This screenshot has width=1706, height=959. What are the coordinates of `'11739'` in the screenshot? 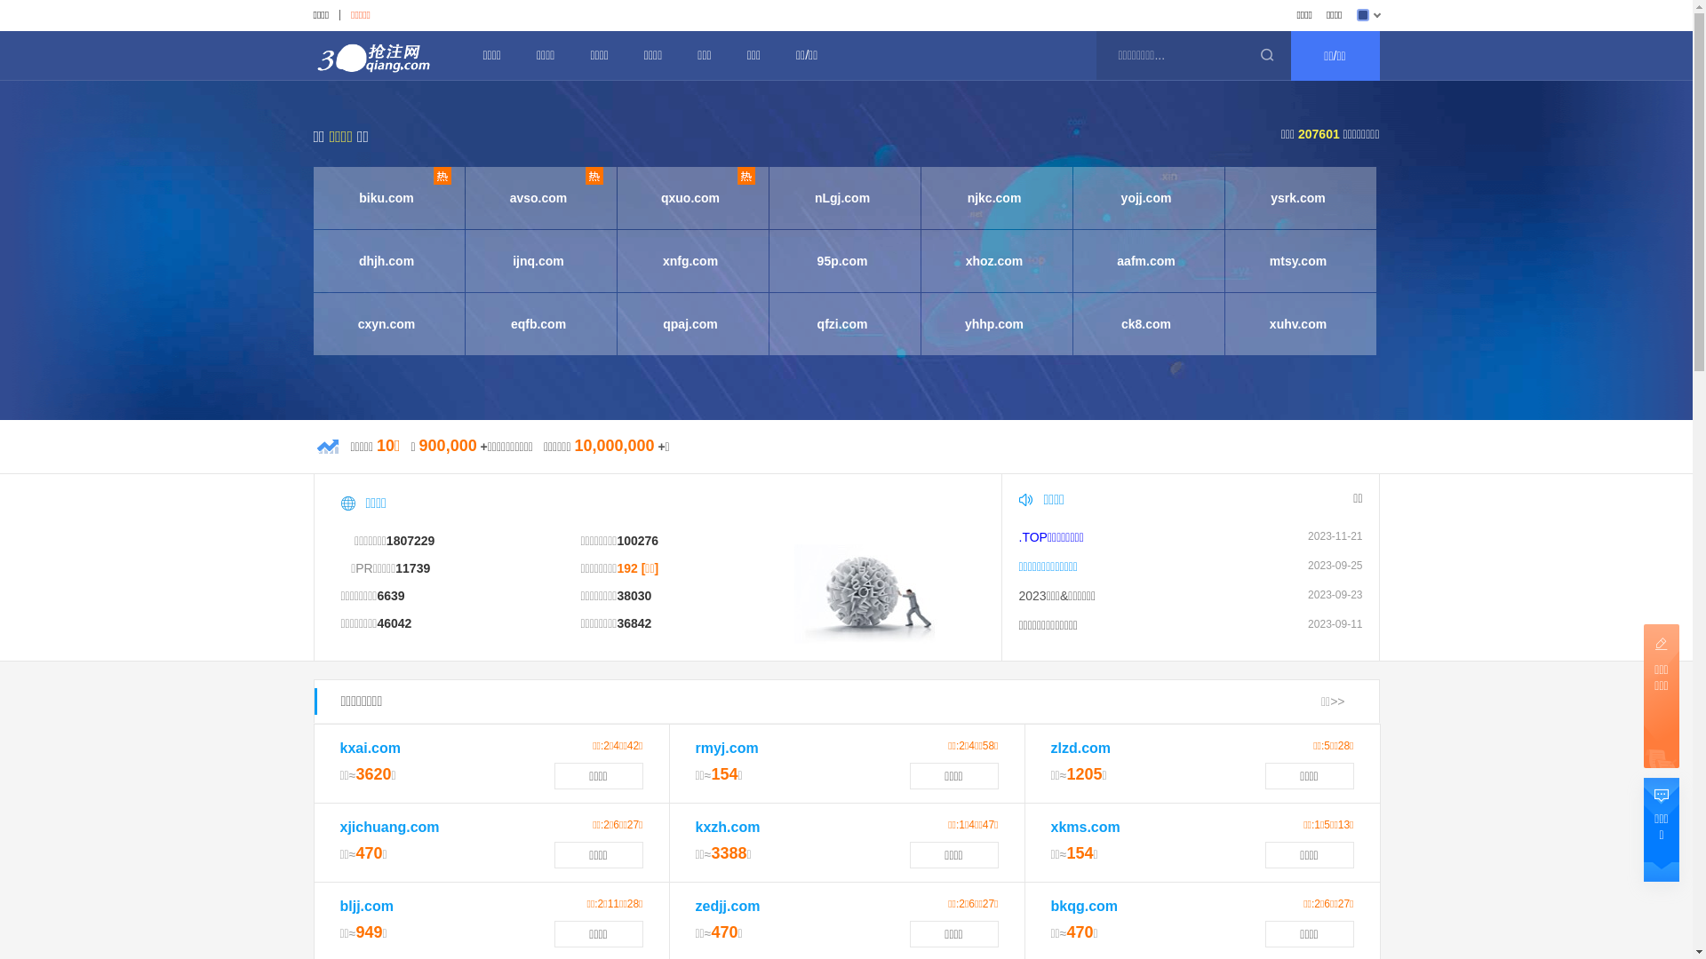 It's located at (395, 568).